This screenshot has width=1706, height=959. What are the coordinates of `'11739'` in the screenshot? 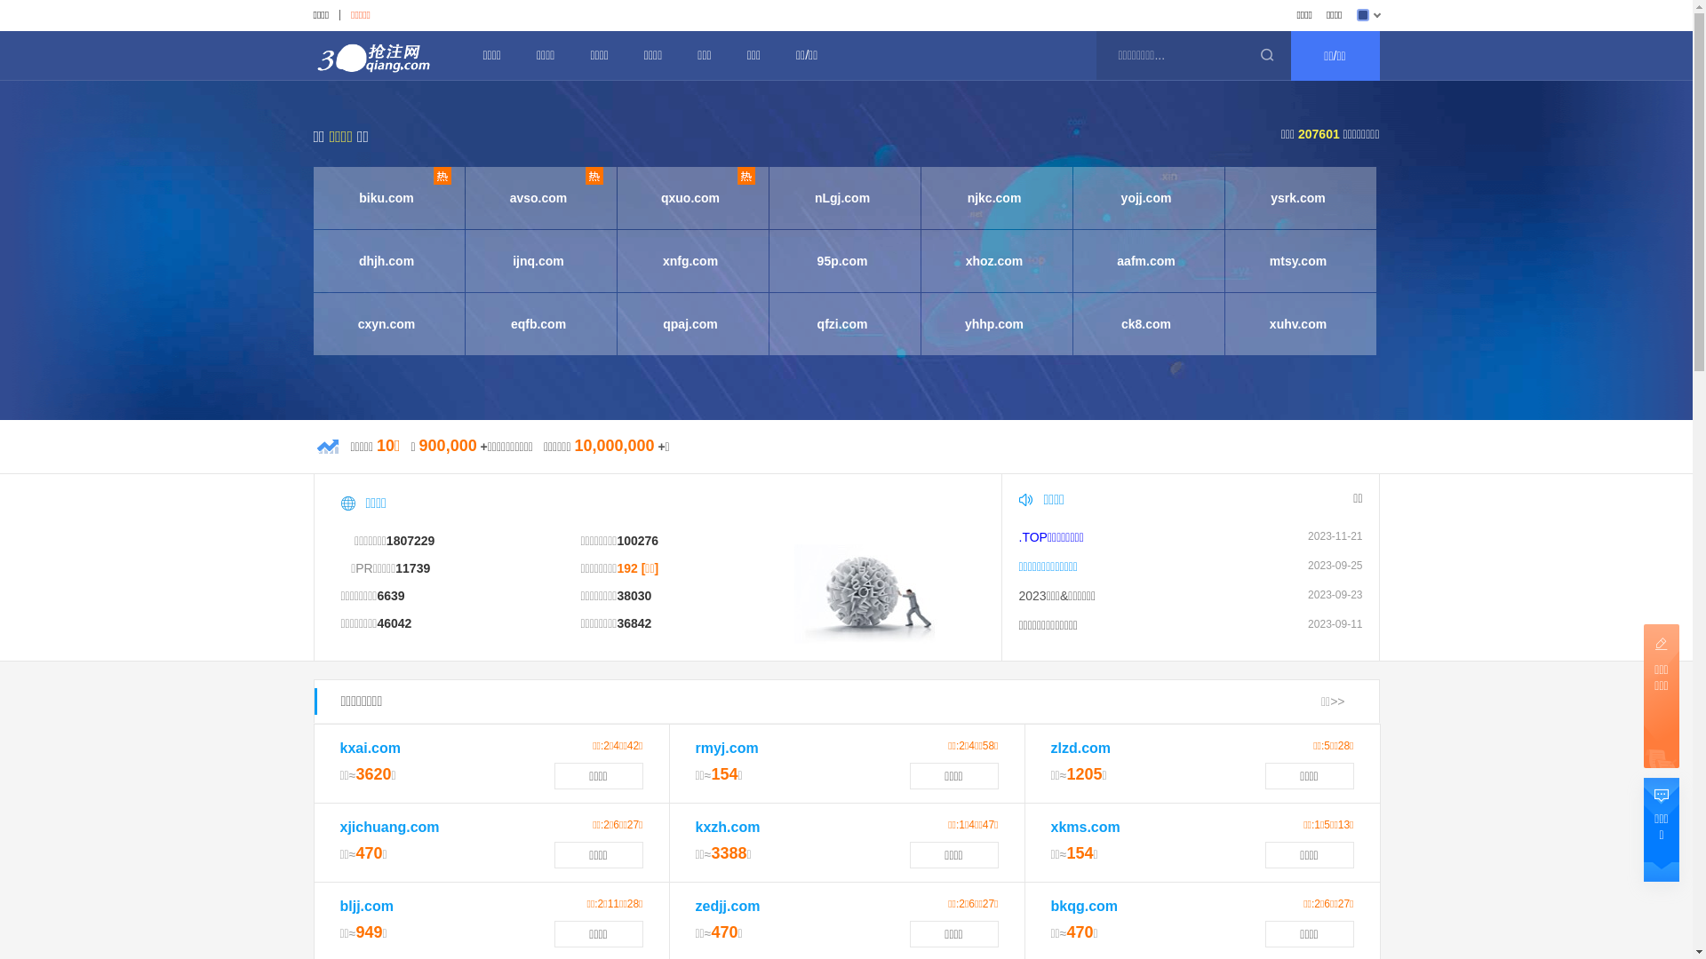 It's located at (395, 568).